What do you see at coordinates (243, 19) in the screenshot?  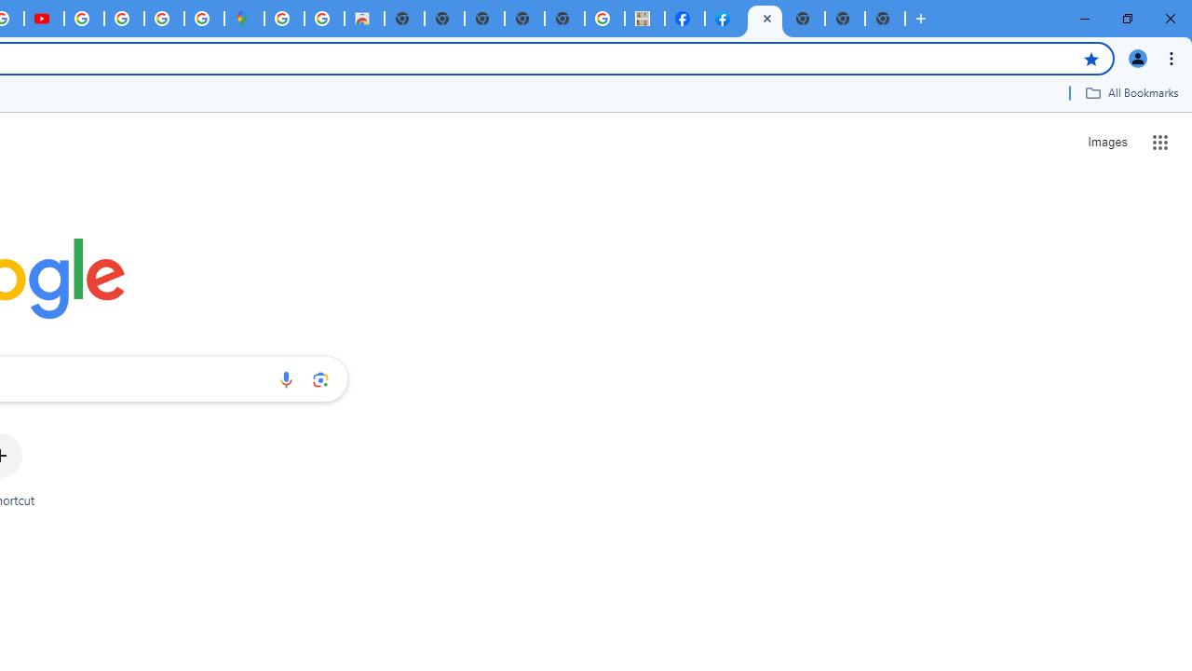 I see `'Google Maps'` at bounding box center [243, 19].